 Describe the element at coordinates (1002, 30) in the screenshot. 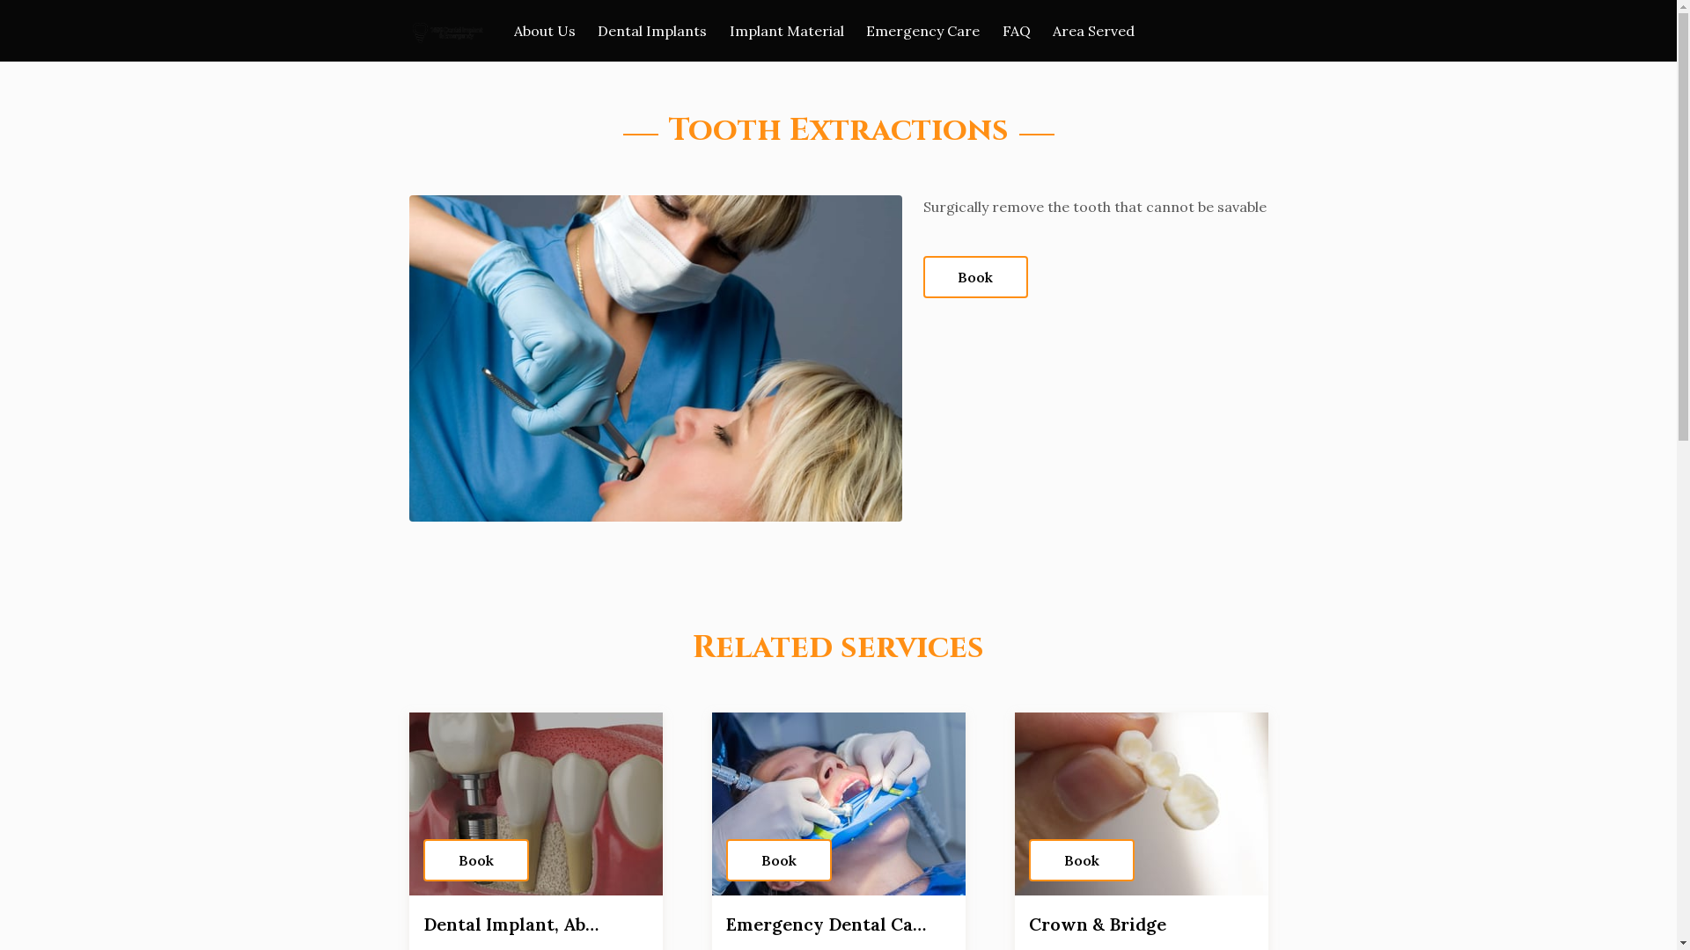

I see `'FAQ'` at that location.